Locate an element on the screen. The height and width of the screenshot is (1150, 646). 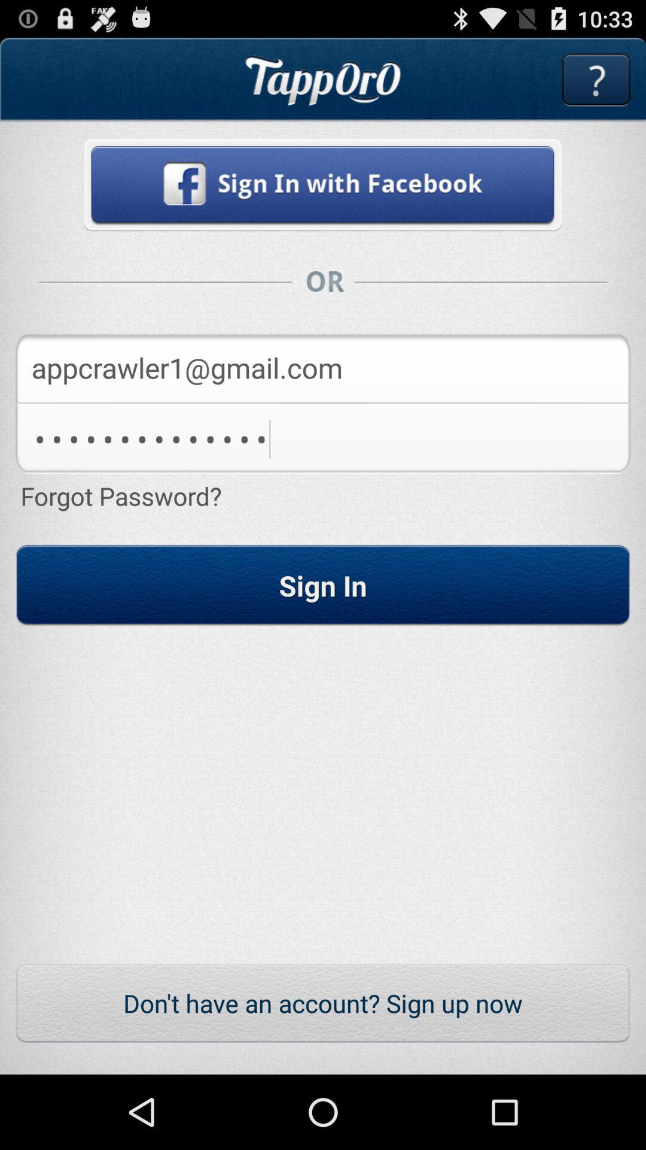
open option to sign in with facebook is located at coordinates (323, 184).